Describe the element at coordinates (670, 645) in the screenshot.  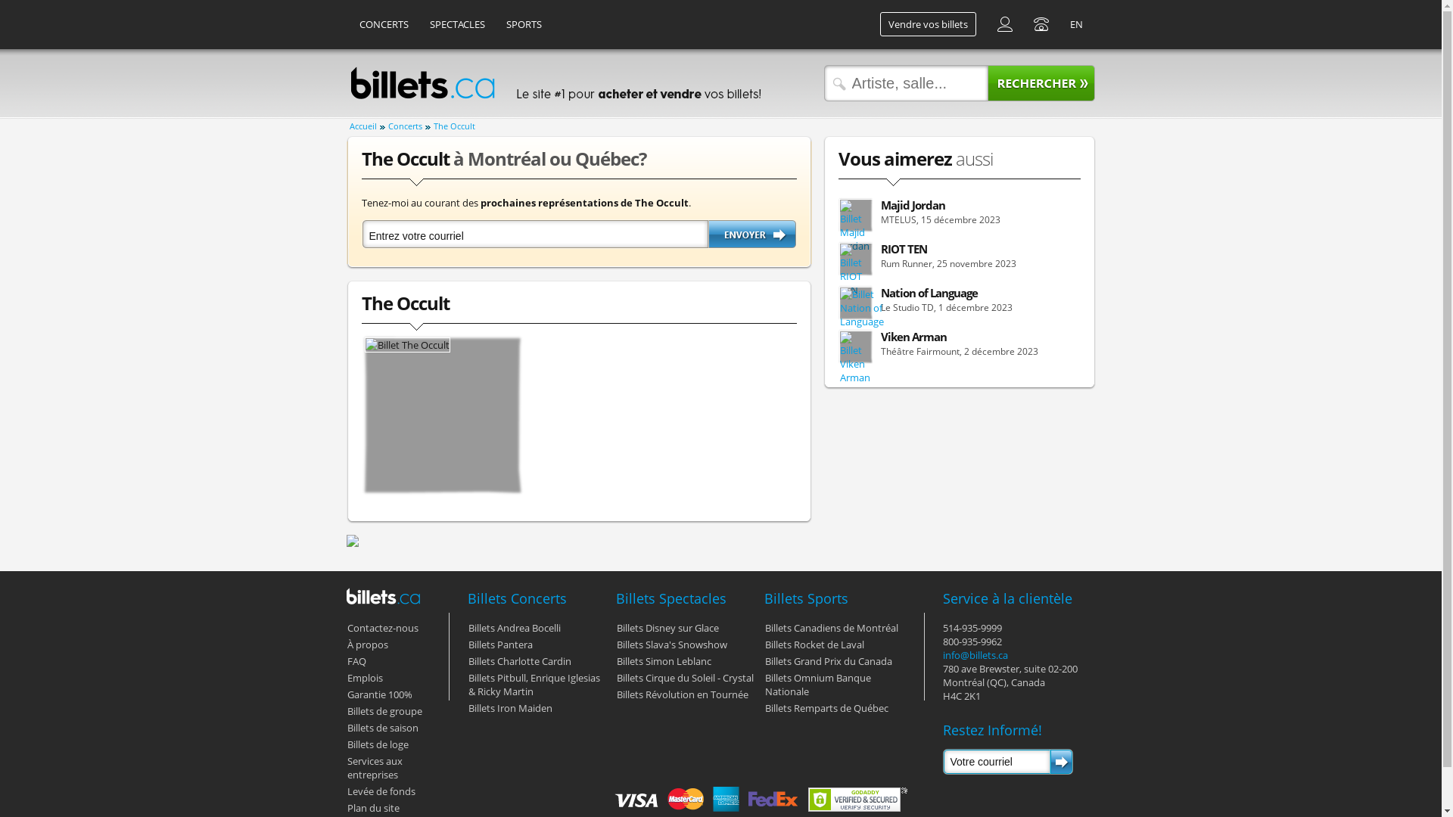
I see `'Billets Slava's Snowshow'` at that location.